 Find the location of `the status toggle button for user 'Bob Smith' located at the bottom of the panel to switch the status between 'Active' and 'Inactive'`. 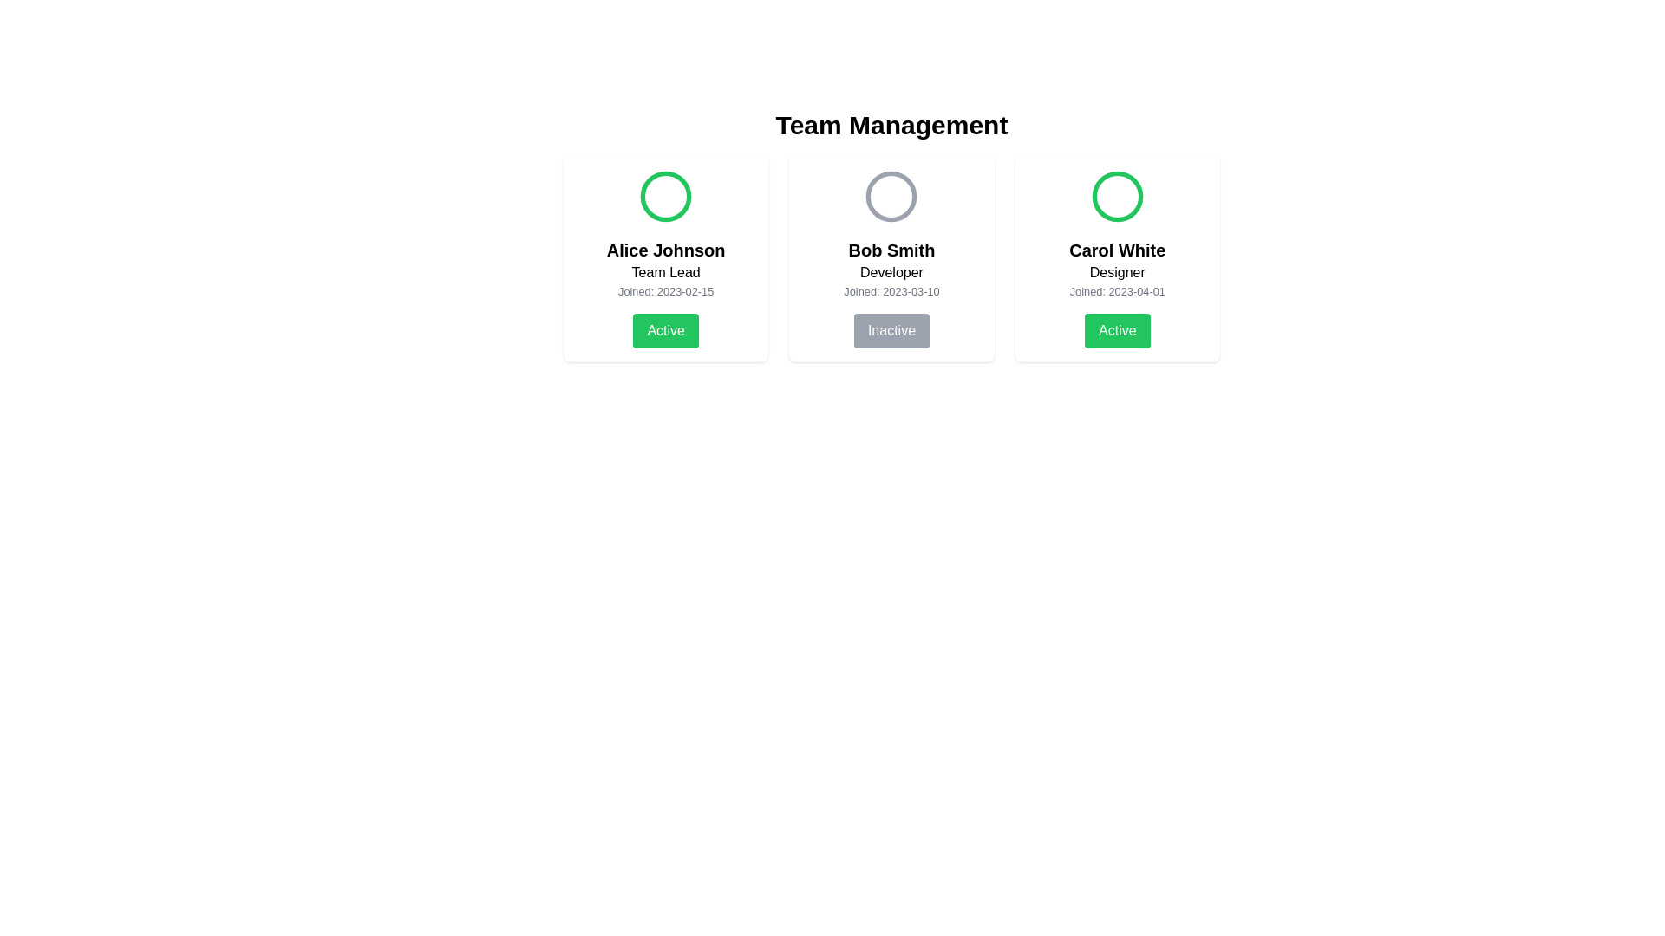

the status toggle button for user 'Bob Smith' located at the bottom of the panel to switch the status between 'Active' and 'Inactive' is located at coordinates (891, 331).